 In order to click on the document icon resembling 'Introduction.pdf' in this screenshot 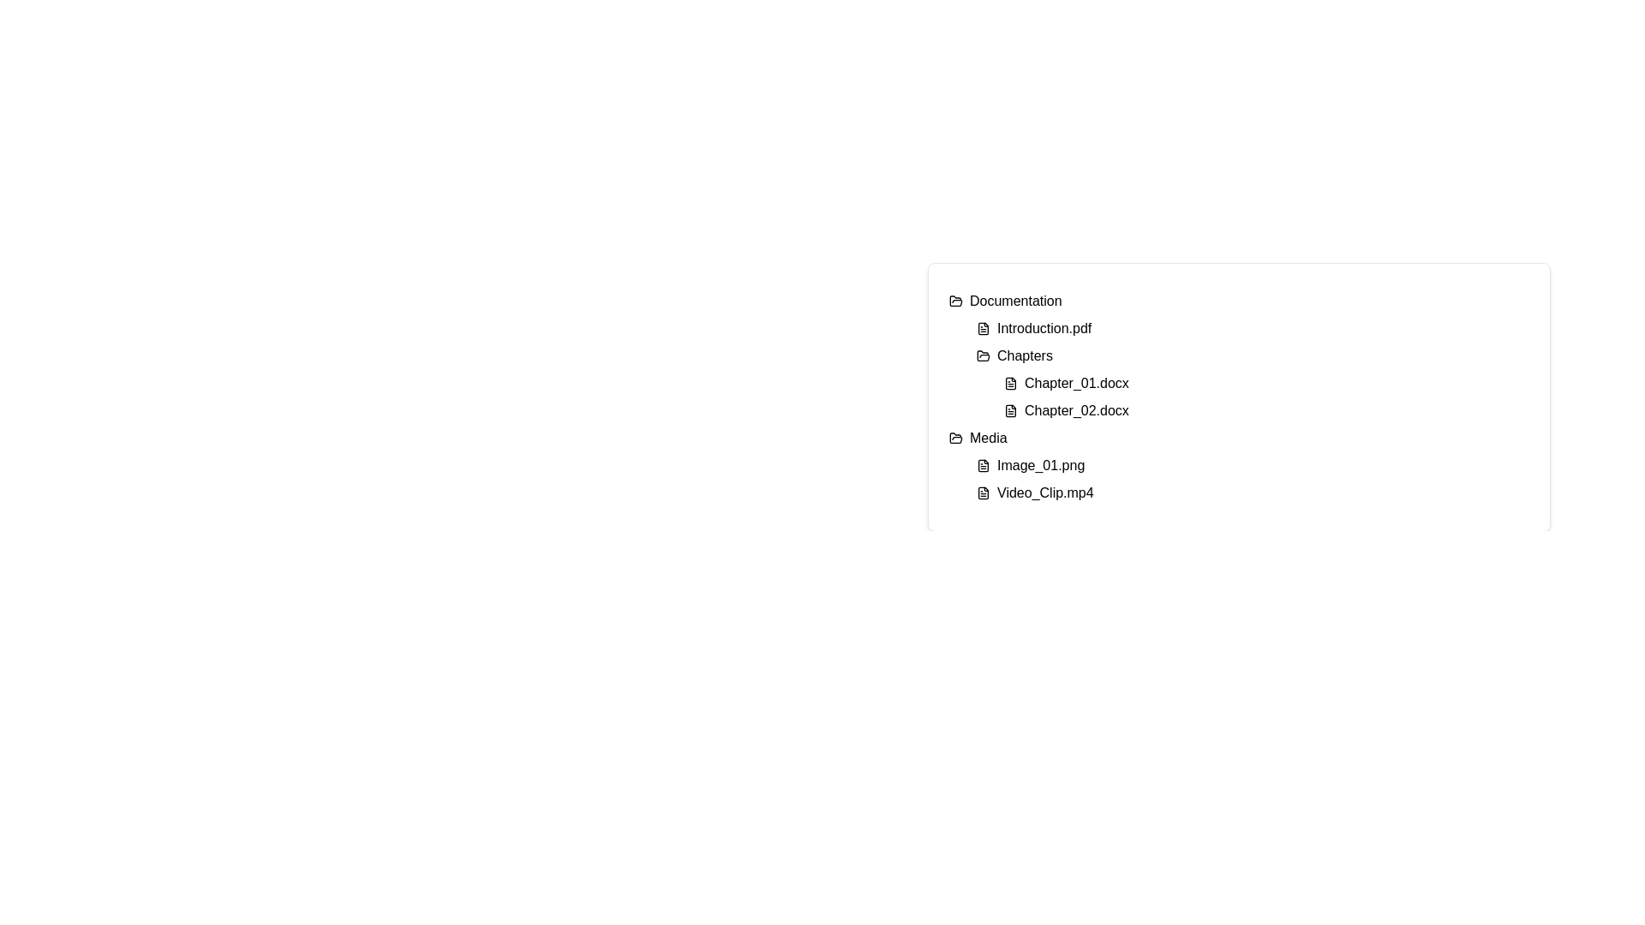, I will do `click(983, 329)`.